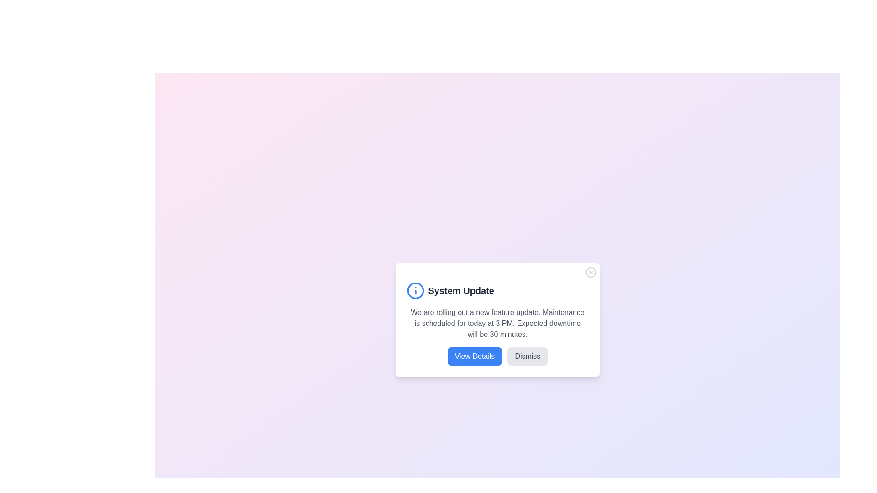  I want to click on the circular information icon with a blue outline located to the left of the text 'System Update', so click(415, 290).